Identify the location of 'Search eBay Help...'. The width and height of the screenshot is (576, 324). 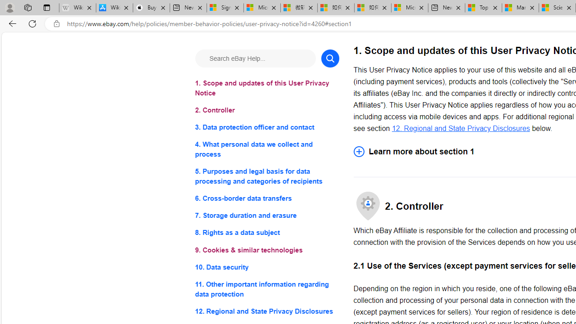
(255, 58).